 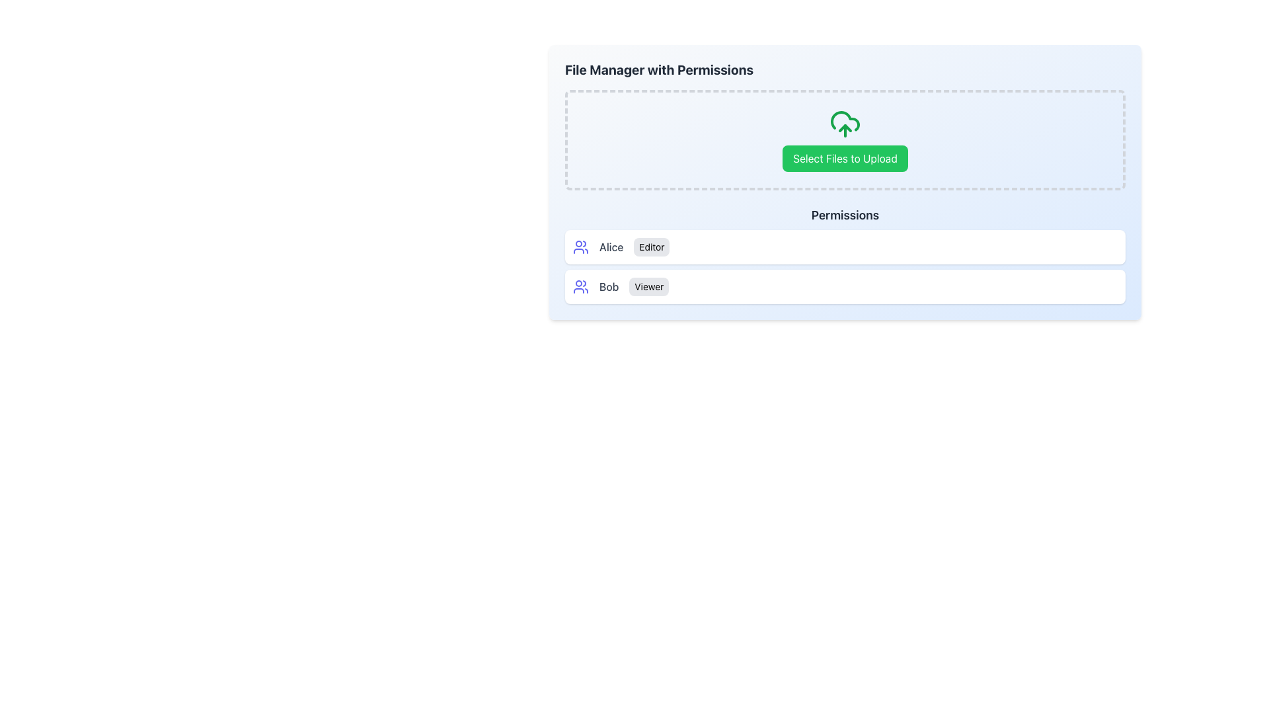 What do you see at coordinates (844, 128) in the screenshot?
I see `the cloud-upload icon located at the top center of the icon group, slightly above the 'Select Files to Upload' button` at bounding box center [844, 128].